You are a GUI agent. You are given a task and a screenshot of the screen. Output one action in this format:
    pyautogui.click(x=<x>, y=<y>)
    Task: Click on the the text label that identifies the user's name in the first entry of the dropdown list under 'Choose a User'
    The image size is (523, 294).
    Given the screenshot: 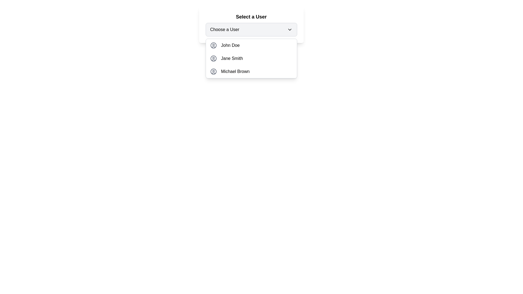 What is the action you would take?
    pyautogui.click(x=230, y=45)
    